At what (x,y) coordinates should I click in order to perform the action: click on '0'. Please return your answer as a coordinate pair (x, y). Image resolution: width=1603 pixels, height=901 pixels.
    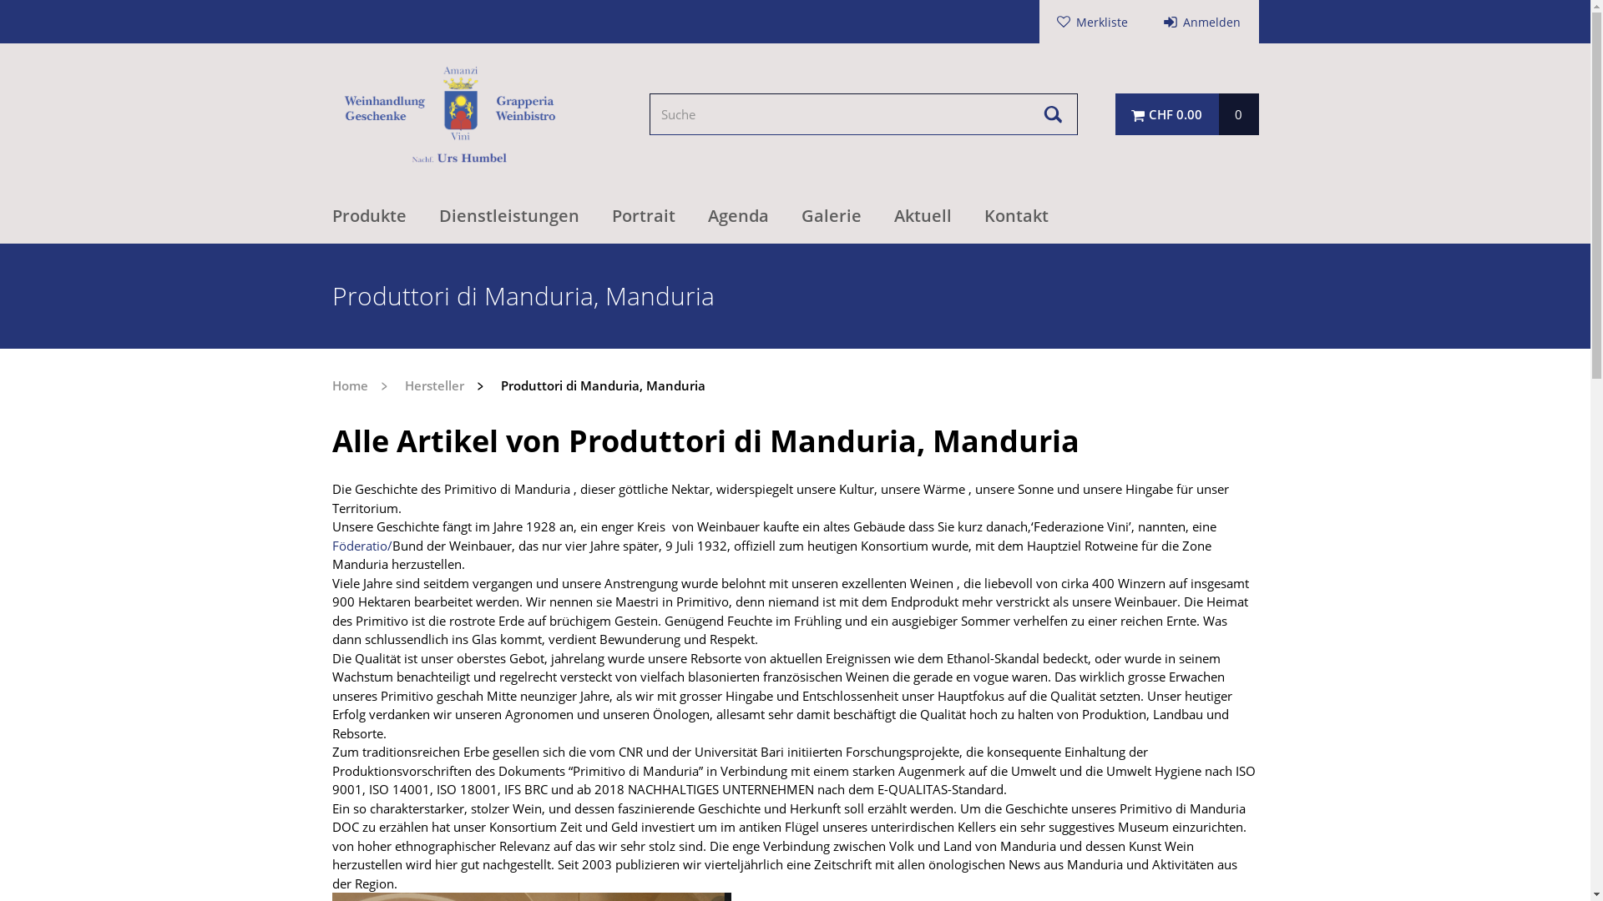
    Looking at the image, I should click on (1238, 113).